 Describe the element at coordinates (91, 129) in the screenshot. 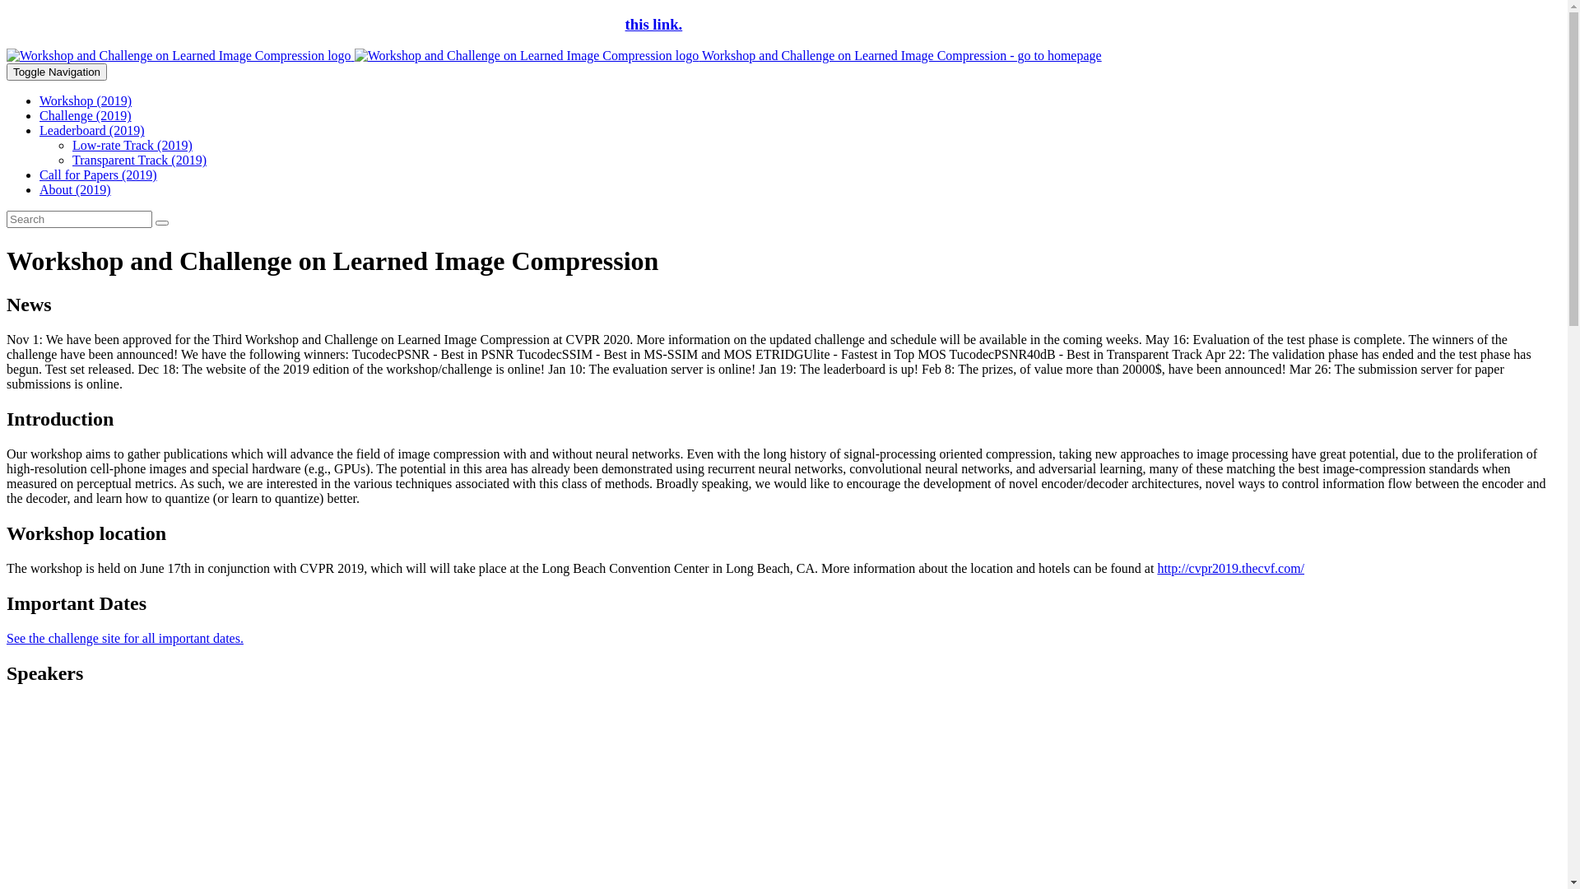

I see `'Leaderboard (2019)'` at that location.